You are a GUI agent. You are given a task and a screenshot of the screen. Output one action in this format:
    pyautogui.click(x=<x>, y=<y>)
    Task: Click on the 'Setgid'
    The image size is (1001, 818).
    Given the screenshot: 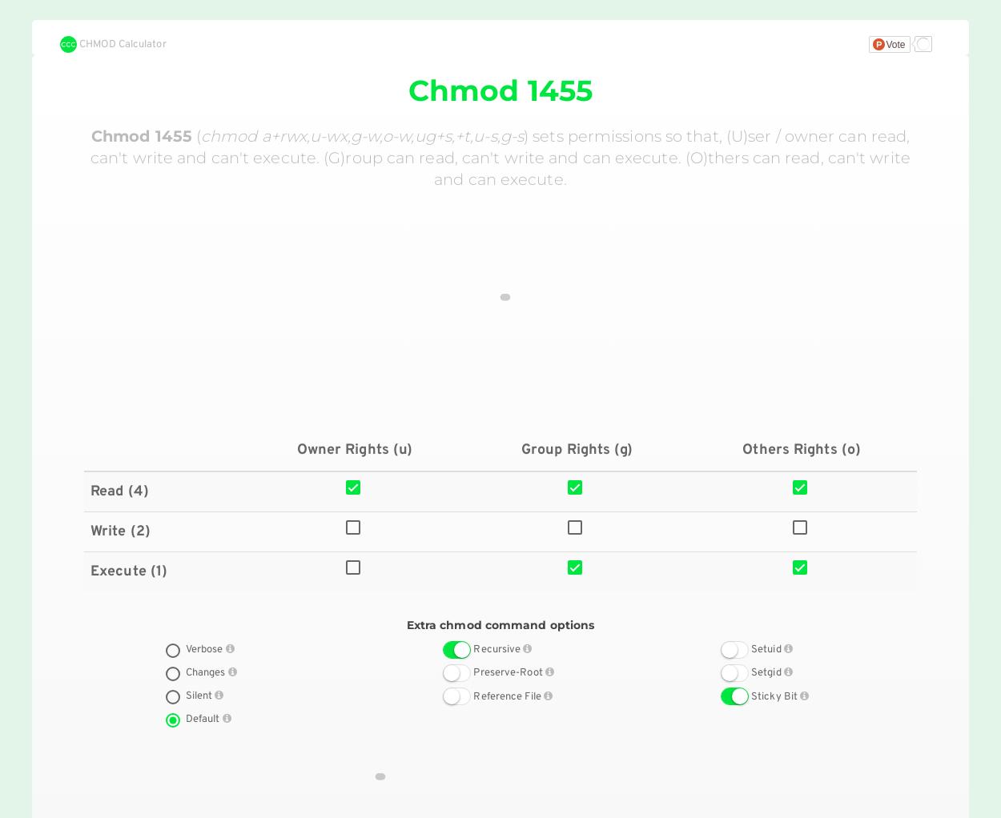 What is the action you would take?
    pyautogui.click(x=766, y=673)
    